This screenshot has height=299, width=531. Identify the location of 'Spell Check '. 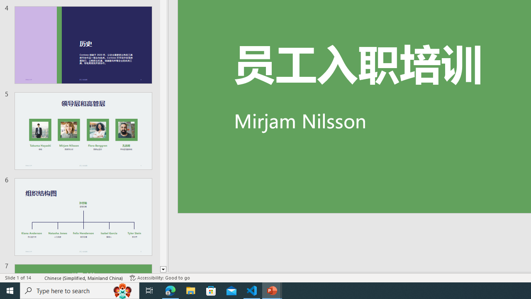
(38, 278).